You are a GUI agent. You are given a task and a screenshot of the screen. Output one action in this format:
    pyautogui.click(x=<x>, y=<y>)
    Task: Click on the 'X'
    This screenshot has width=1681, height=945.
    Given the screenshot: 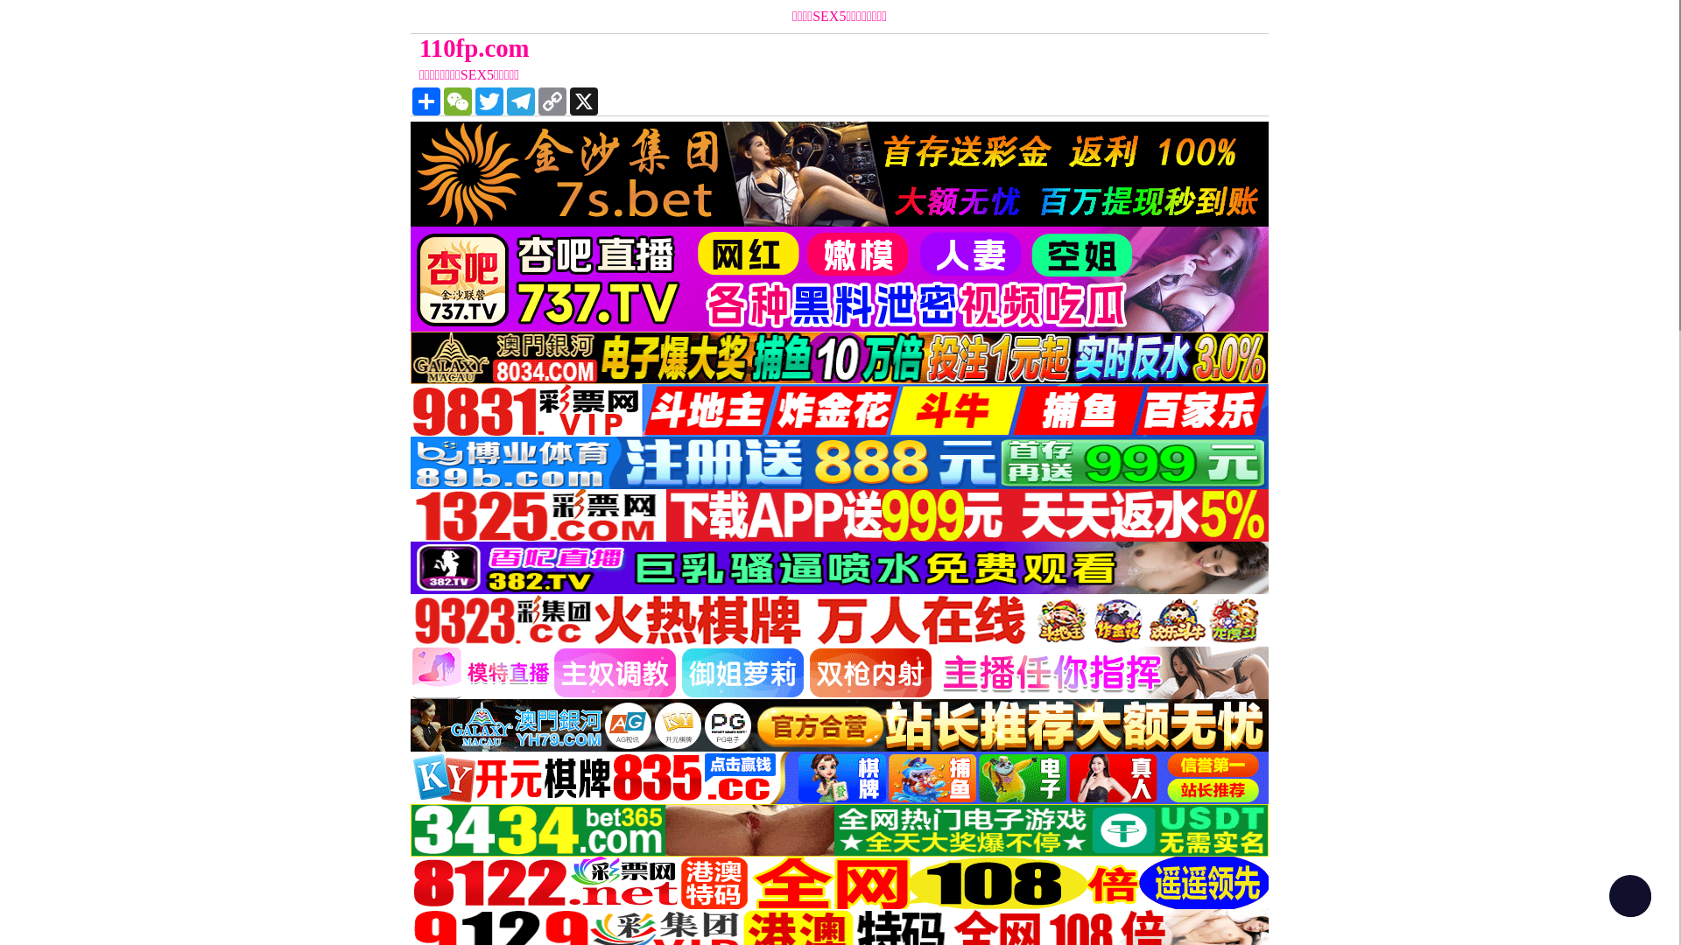 What is the action you would take?
    pyautogui.click(x=584, y=101)
    